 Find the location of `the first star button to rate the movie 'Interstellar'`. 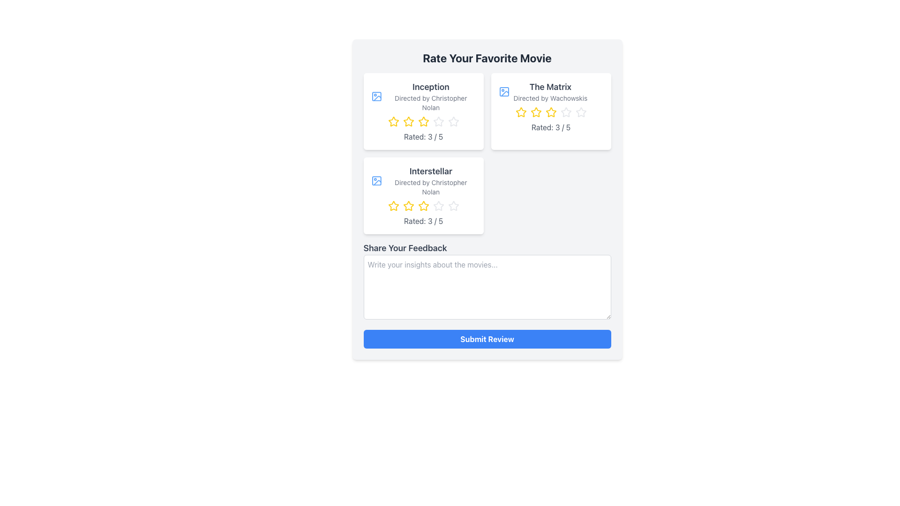

the first star button to rate the movie 'Interstellar' is located at coordinates (393, 205).